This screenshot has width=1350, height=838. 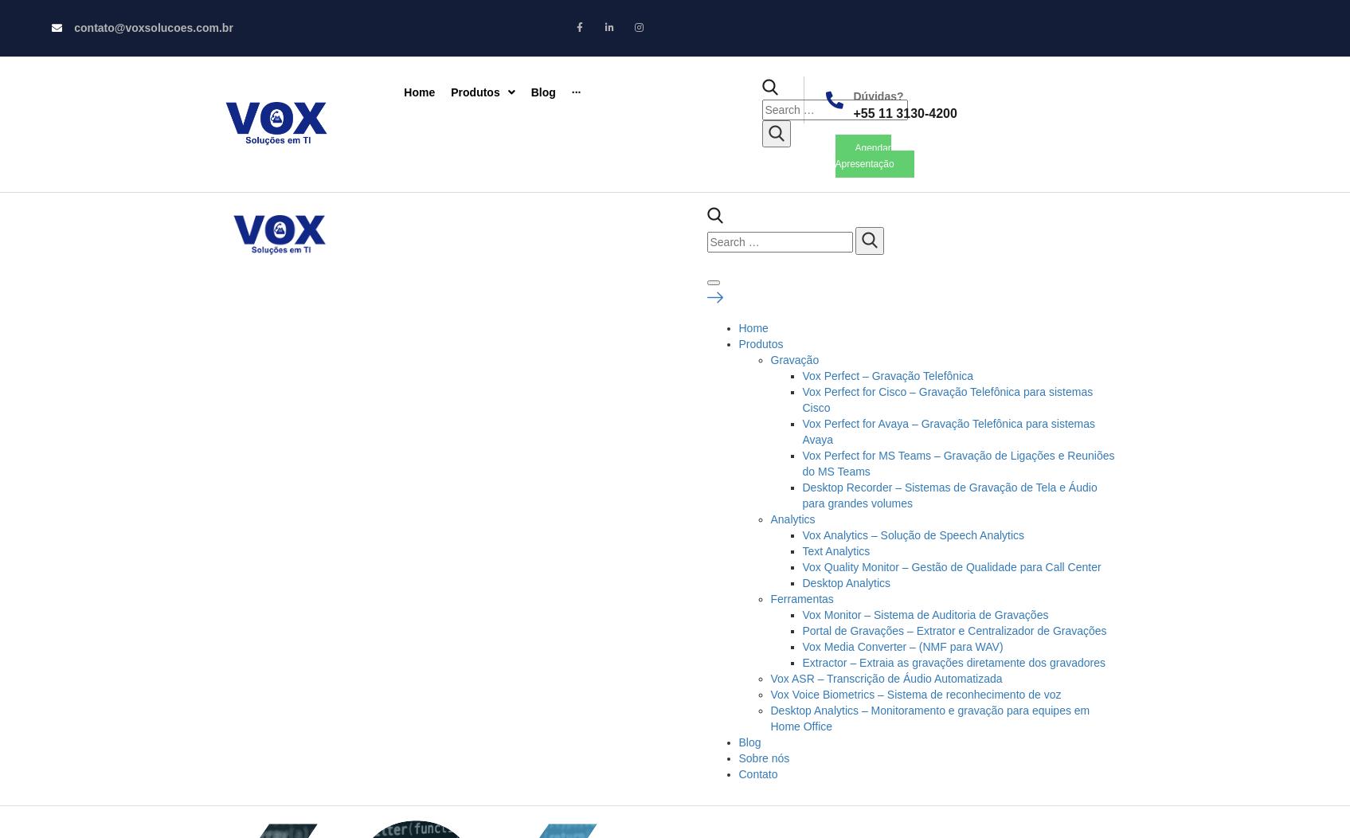 What do you see at coordinates (863, 163) in the screenshot?
I see `'Apresentação'` at bounding box center [863, 163].